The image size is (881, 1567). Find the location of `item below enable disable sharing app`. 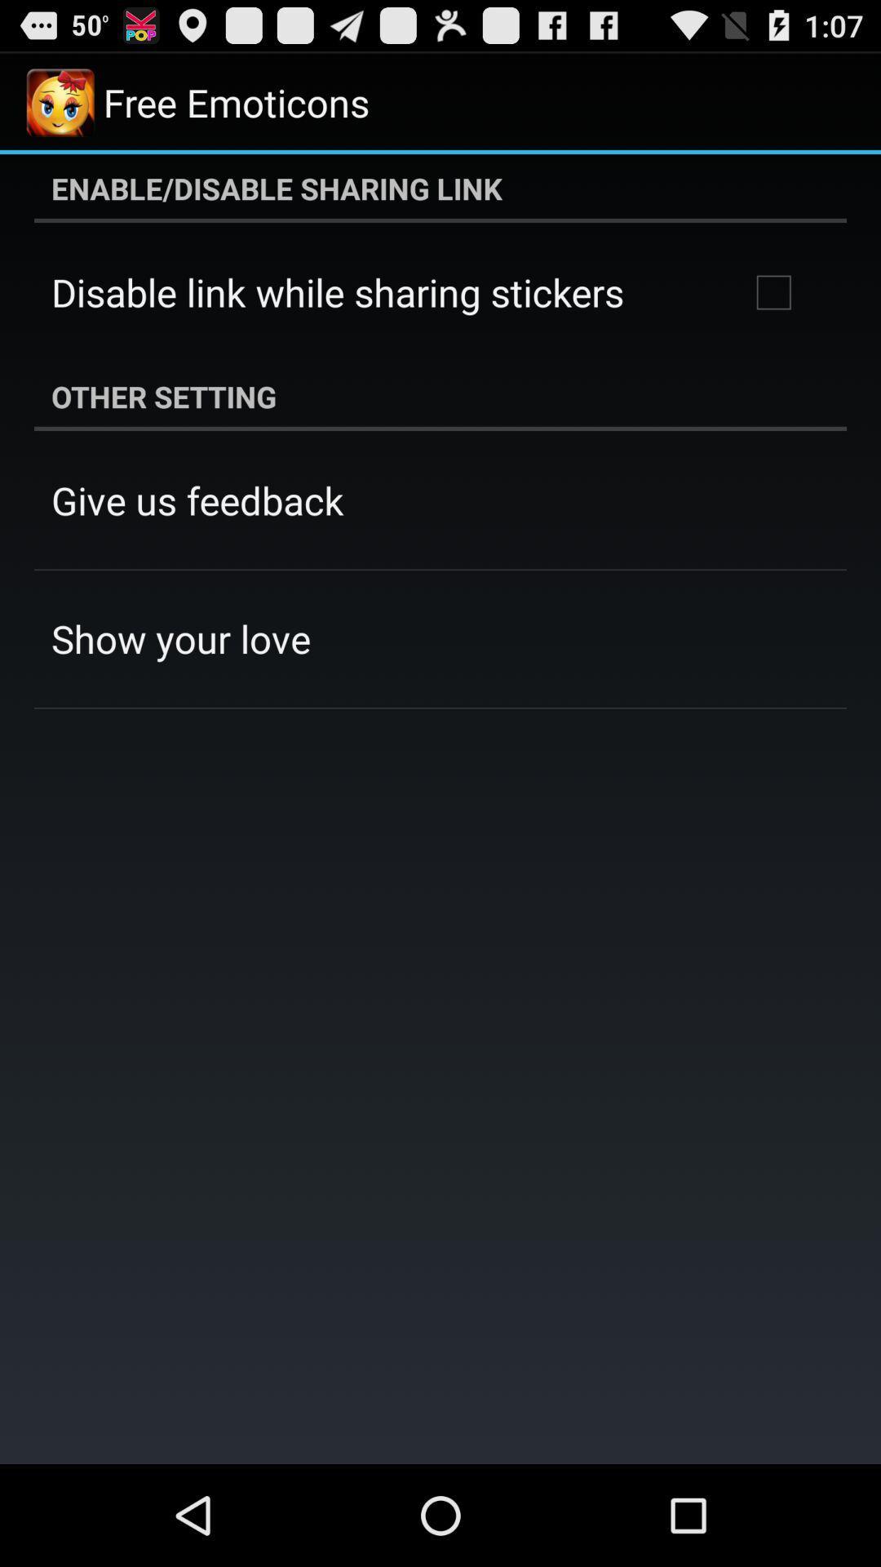

item below enable disable sharing app is located at coordinates (773, 292).